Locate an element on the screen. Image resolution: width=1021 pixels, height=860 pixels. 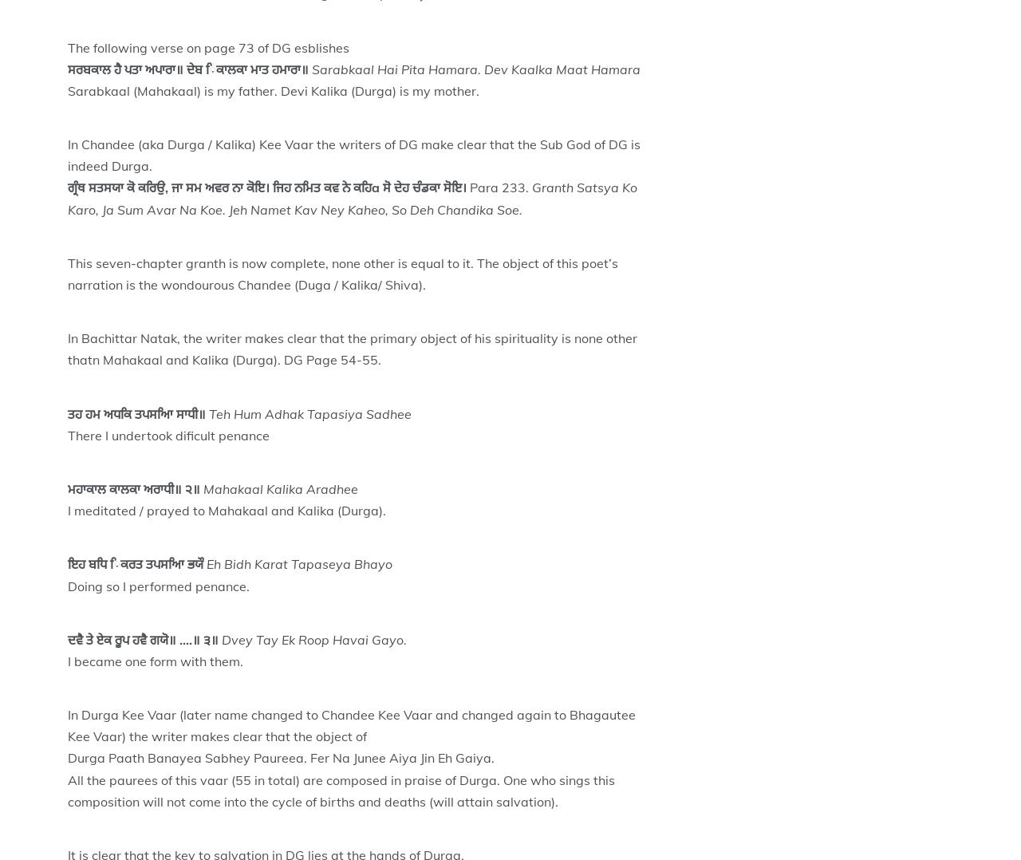
'There I undertook dificult penance' is located at coordinates (168, 434).